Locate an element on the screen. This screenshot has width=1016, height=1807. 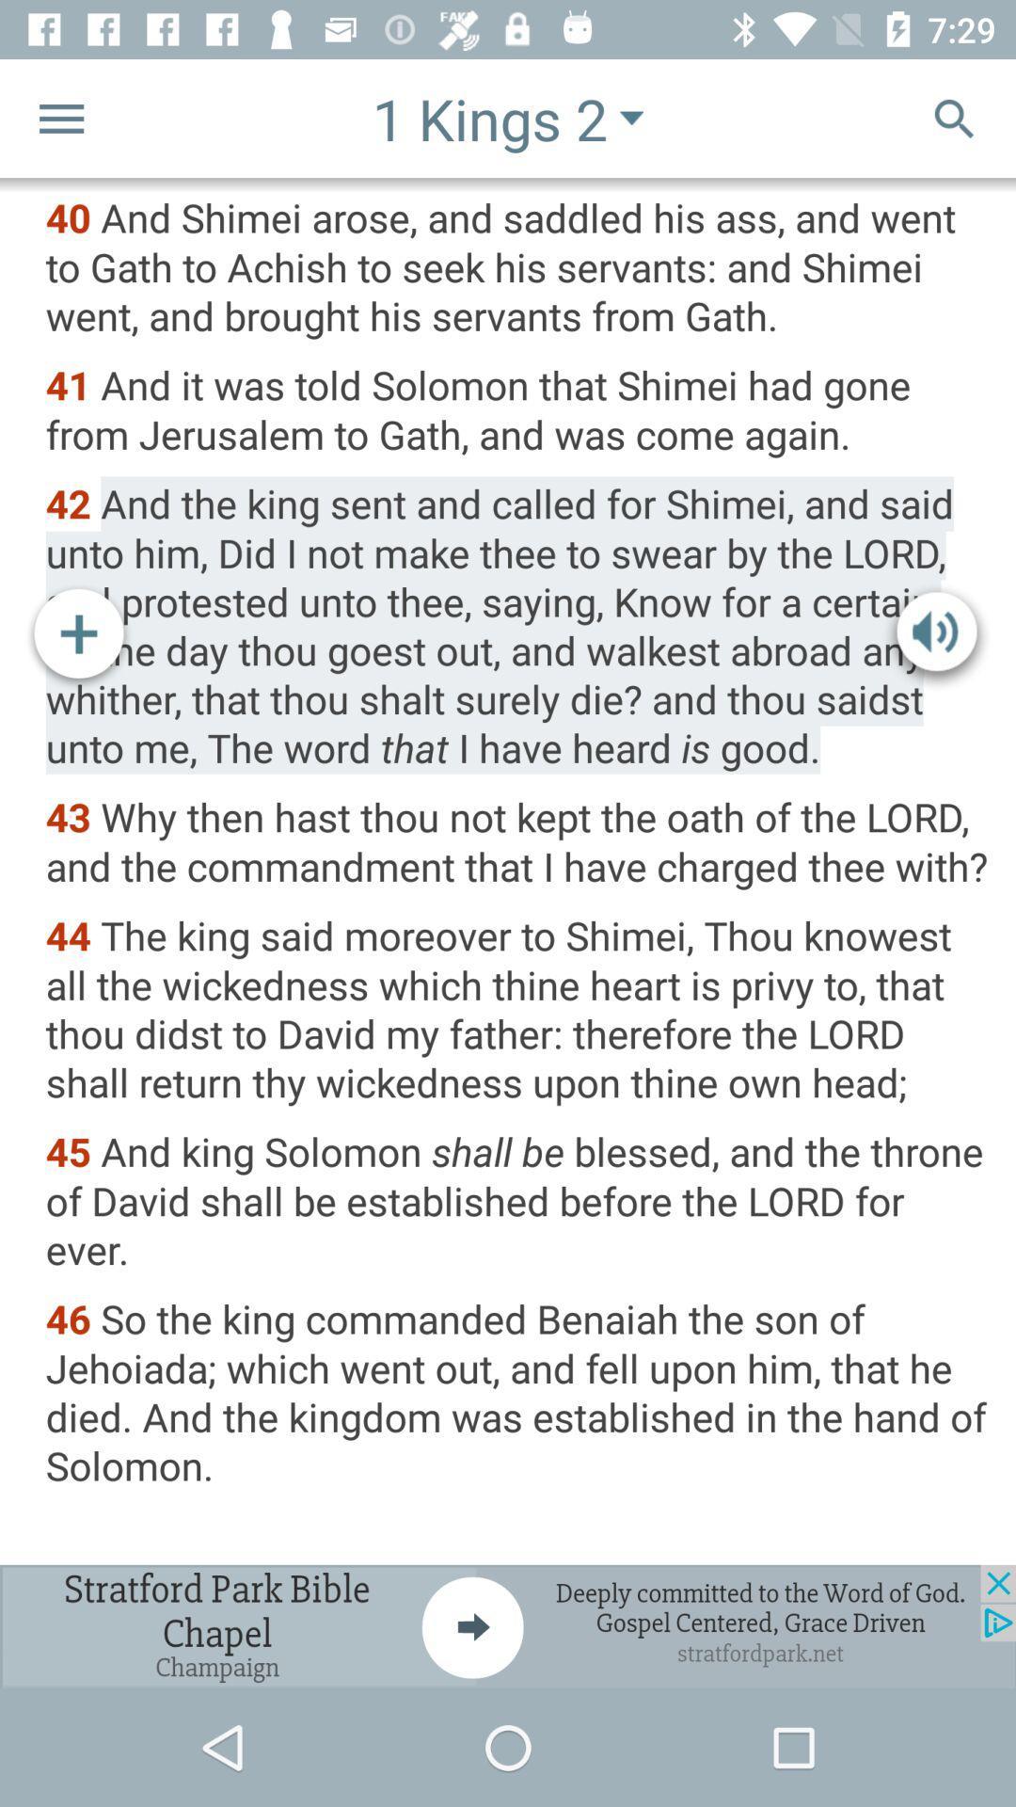
increash is located at coordinates (78, 637).